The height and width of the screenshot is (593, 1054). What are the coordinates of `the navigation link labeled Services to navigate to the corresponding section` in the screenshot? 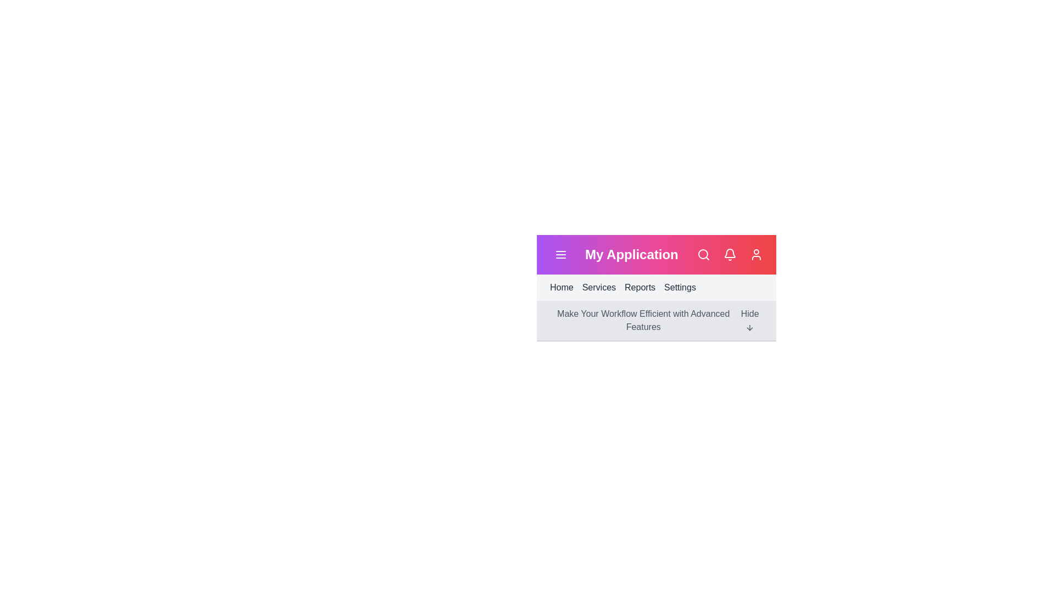 It's located at (598, 287).